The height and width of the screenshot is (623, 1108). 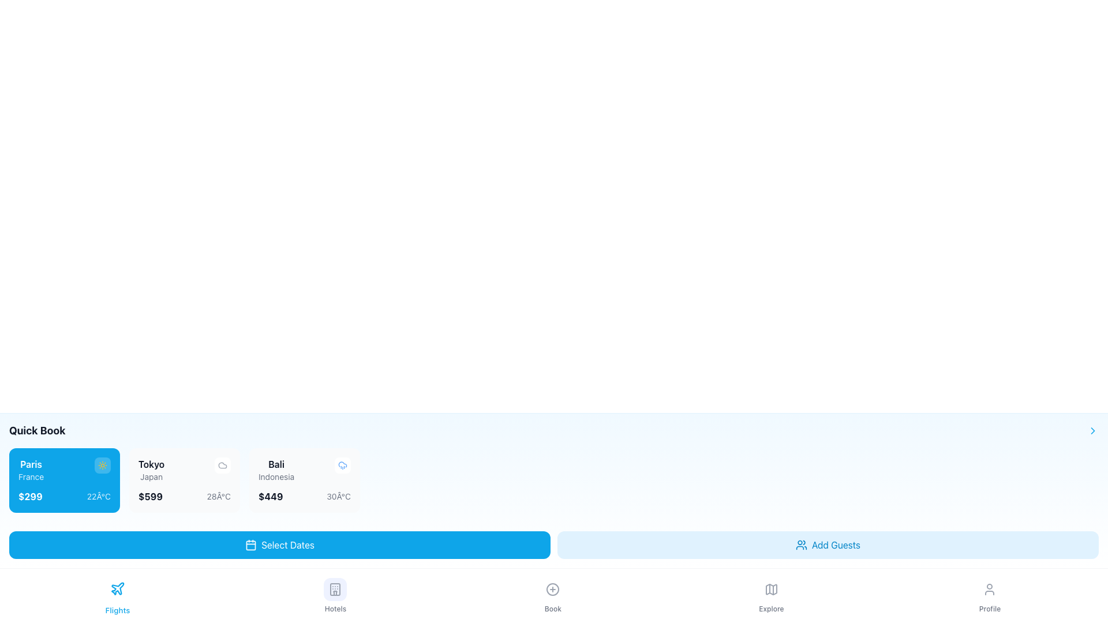 I want to click on the map-shaped icon in the bottom navigation bar, which is the third element from the left, so click(x=771, y=590).